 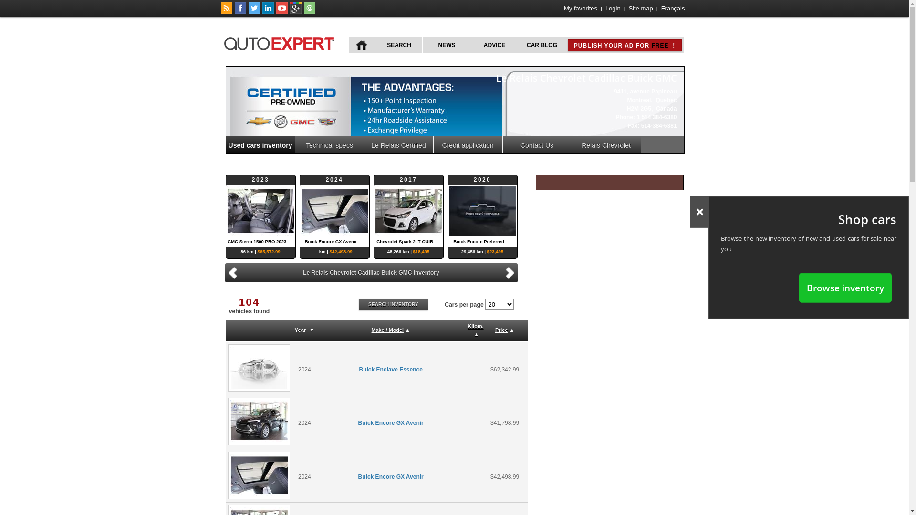 What do you see at coordinates (226, 11) in the screenshot?
I see `'Follow car news on autoExpert.ca'` at bounding box center [226, 11].